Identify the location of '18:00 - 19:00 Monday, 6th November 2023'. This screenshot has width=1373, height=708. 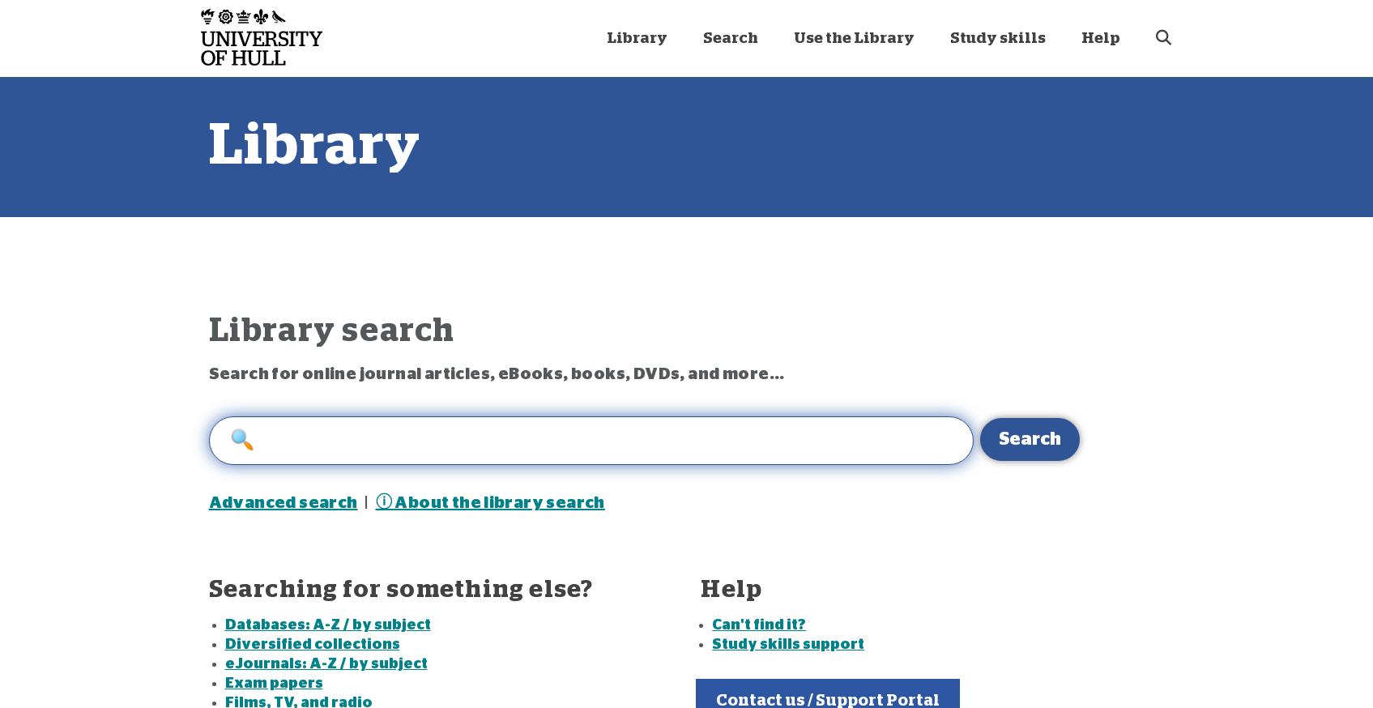
(852, 291).